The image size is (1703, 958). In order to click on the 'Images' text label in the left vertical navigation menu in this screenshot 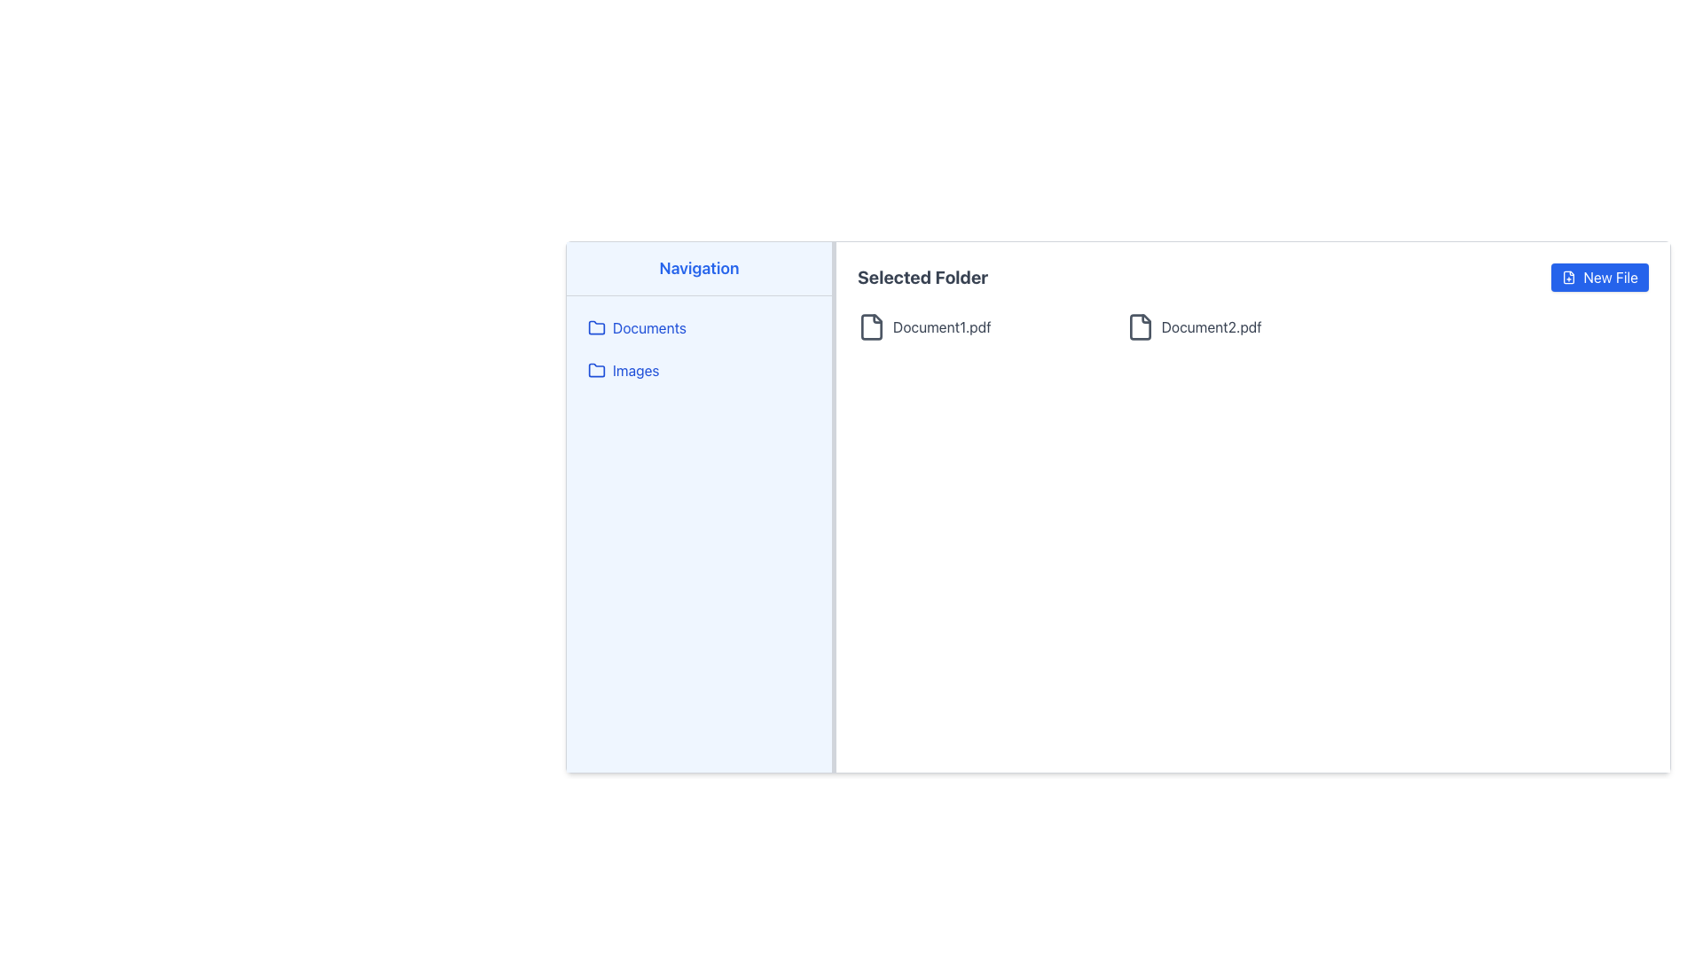, I will do `click(636, 369)`.